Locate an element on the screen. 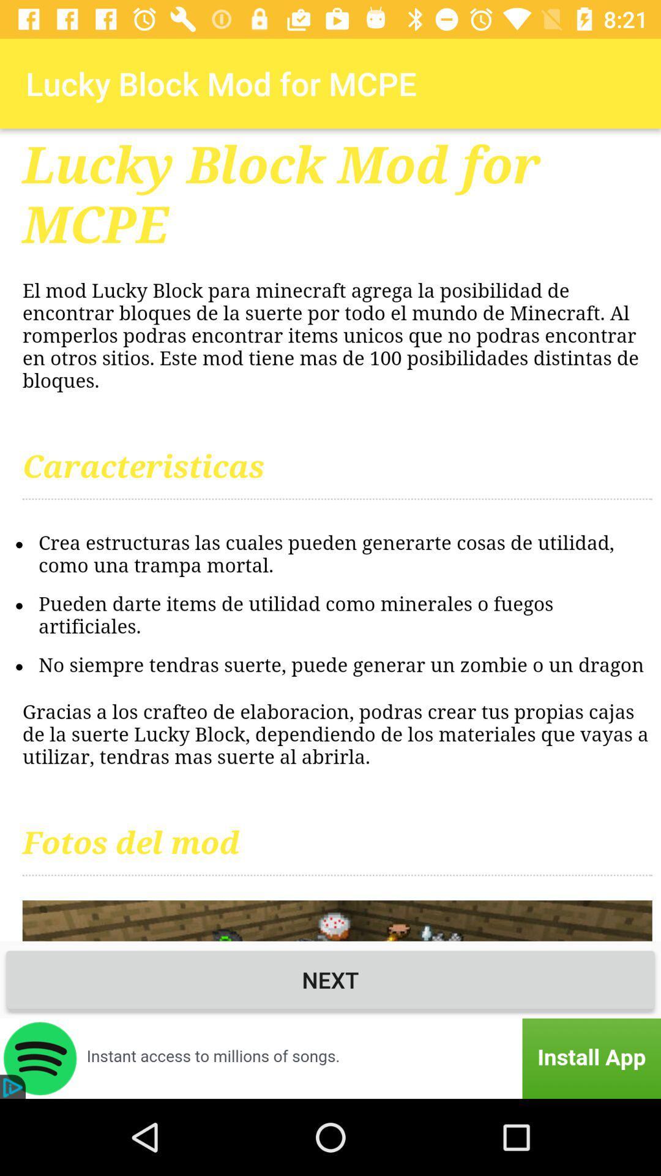  advertisement is located at coordinates (330, 1058).